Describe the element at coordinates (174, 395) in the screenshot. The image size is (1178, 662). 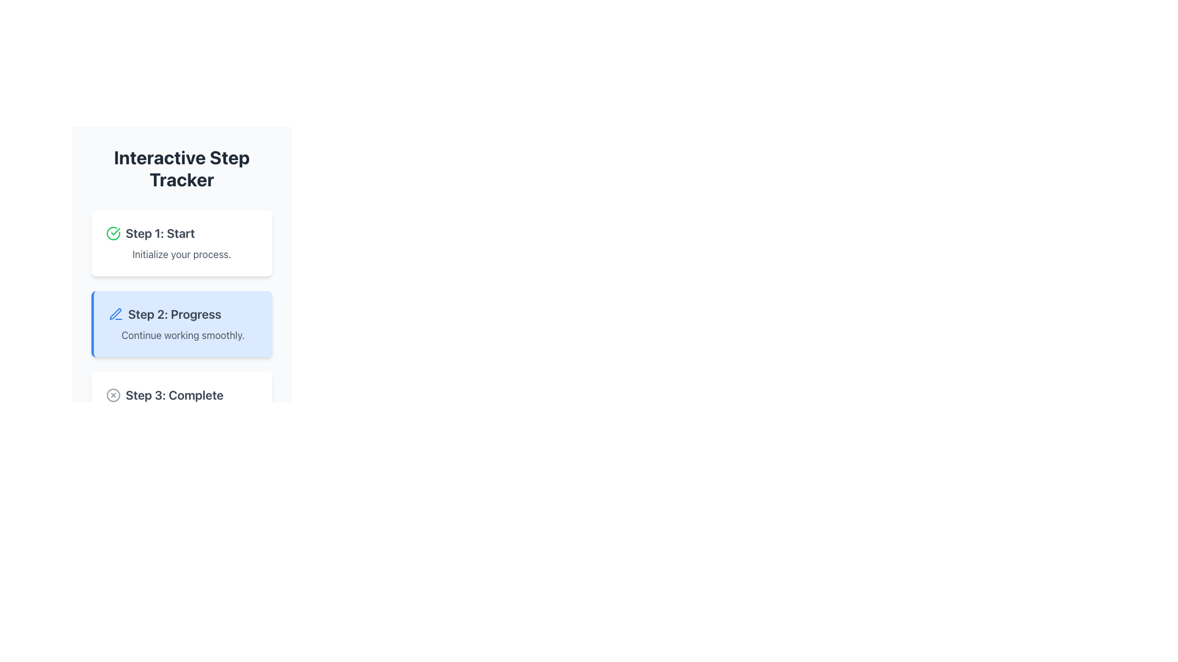
I see `the text label that reads 'Step 3: Complete', which is styled in bold and located within the step tracker interface` at that location.